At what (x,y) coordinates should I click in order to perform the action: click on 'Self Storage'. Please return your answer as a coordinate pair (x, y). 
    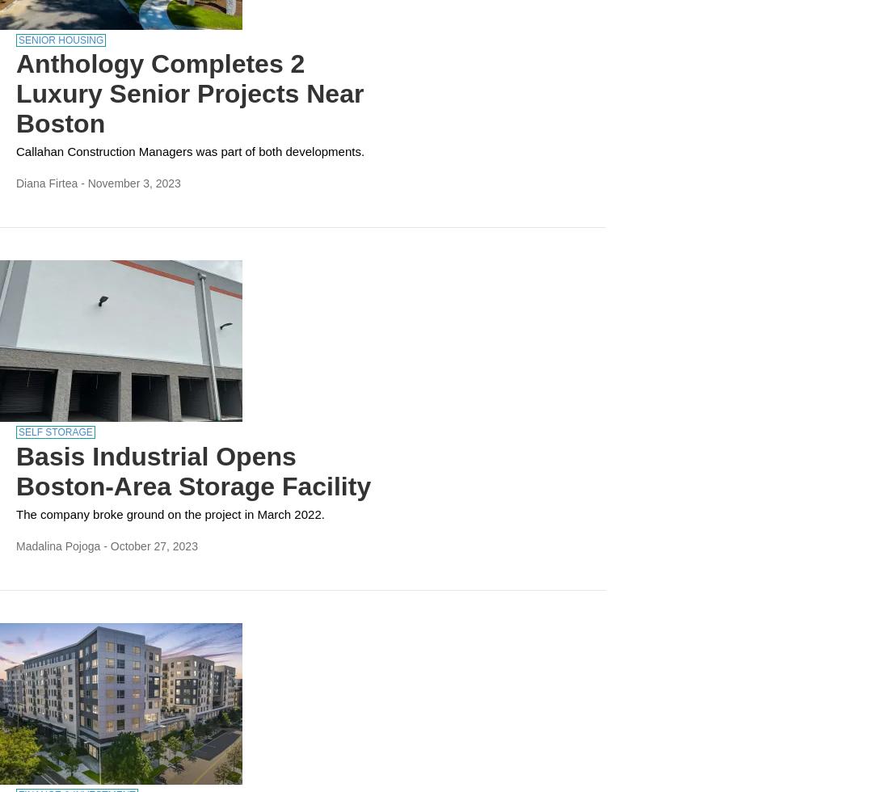
    Looking at the image, I should click on (54, 432).